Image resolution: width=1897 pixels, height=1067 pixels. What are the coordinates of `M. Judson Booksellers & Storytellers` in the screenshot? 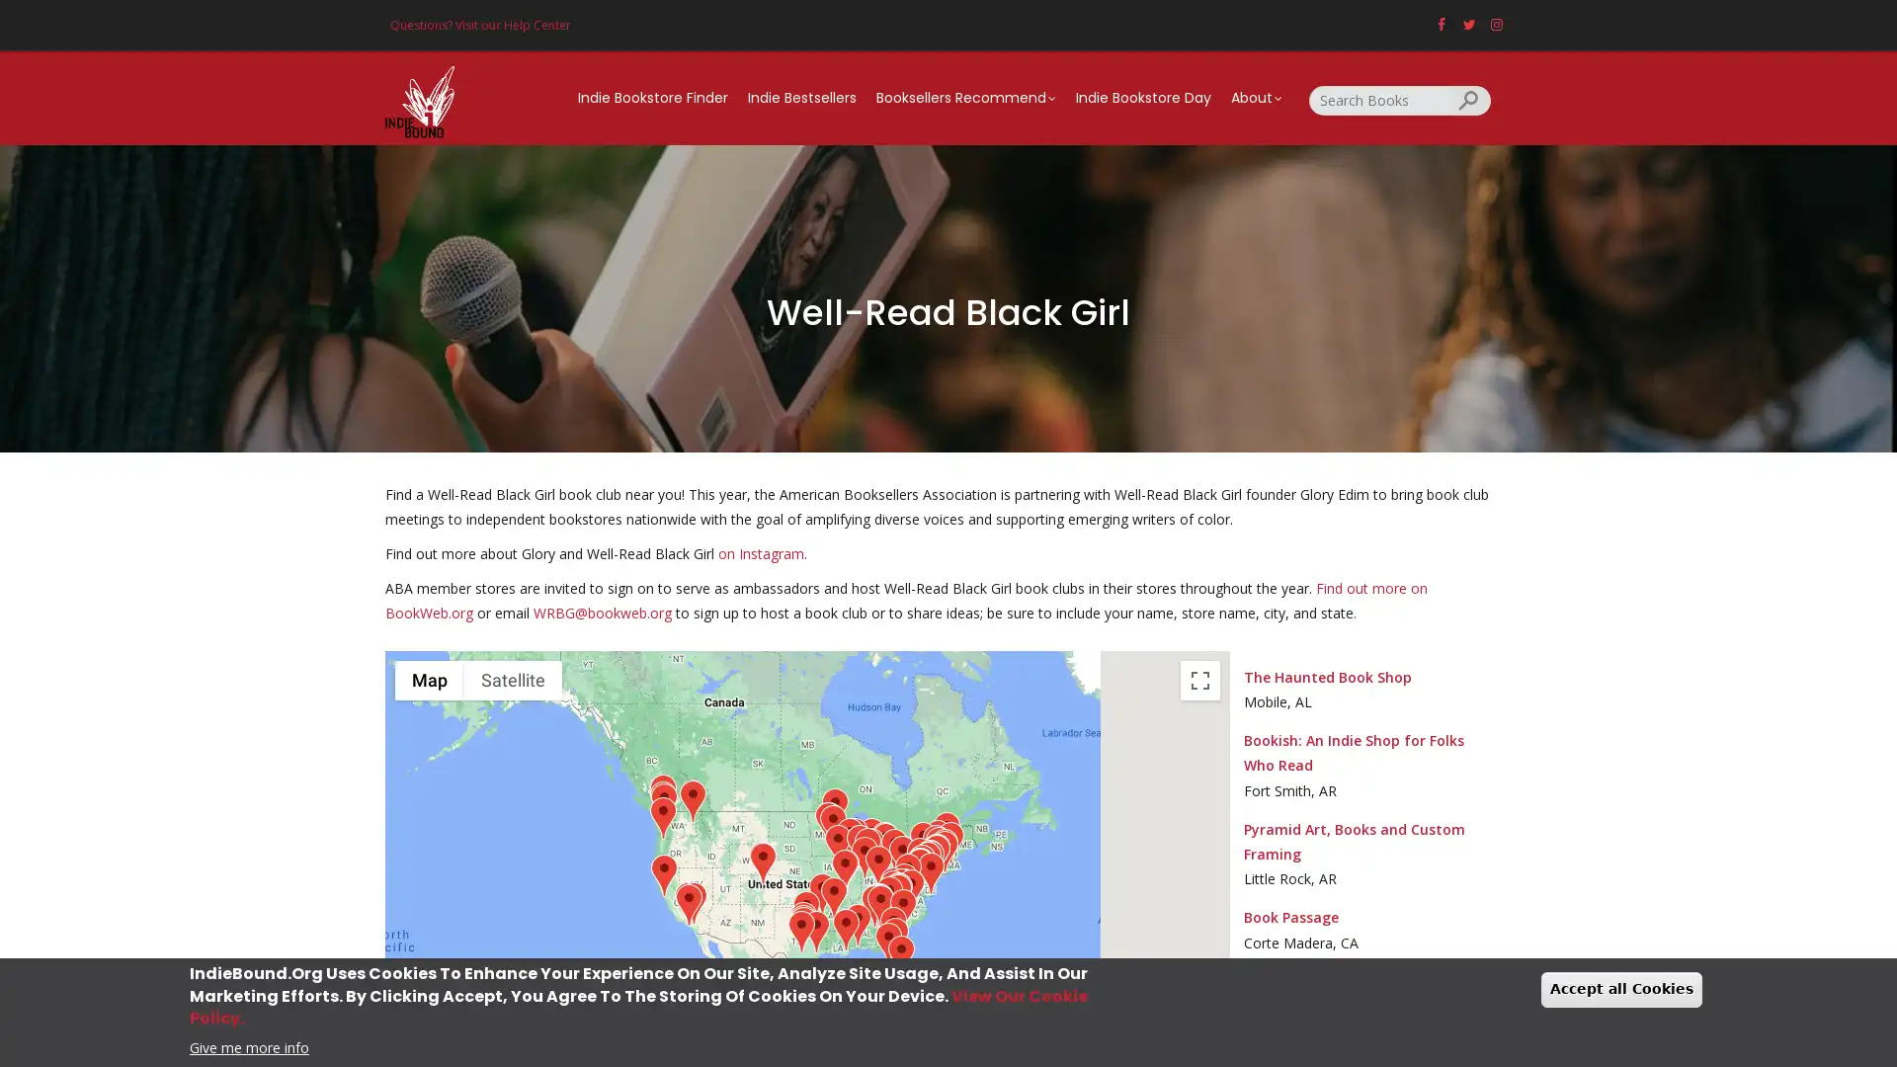 It's located at (887, 896).